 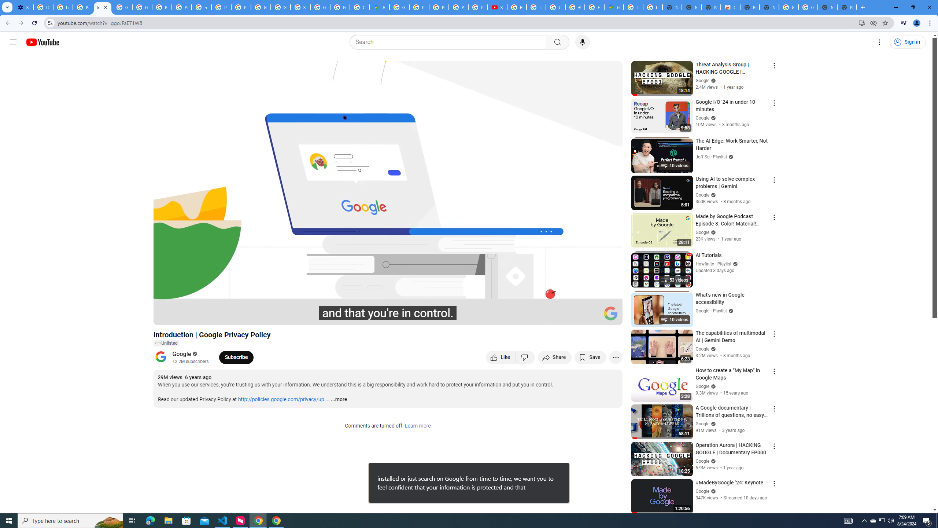 I want to click on 'Subscribe to Google.', so click(x=236, y=357).